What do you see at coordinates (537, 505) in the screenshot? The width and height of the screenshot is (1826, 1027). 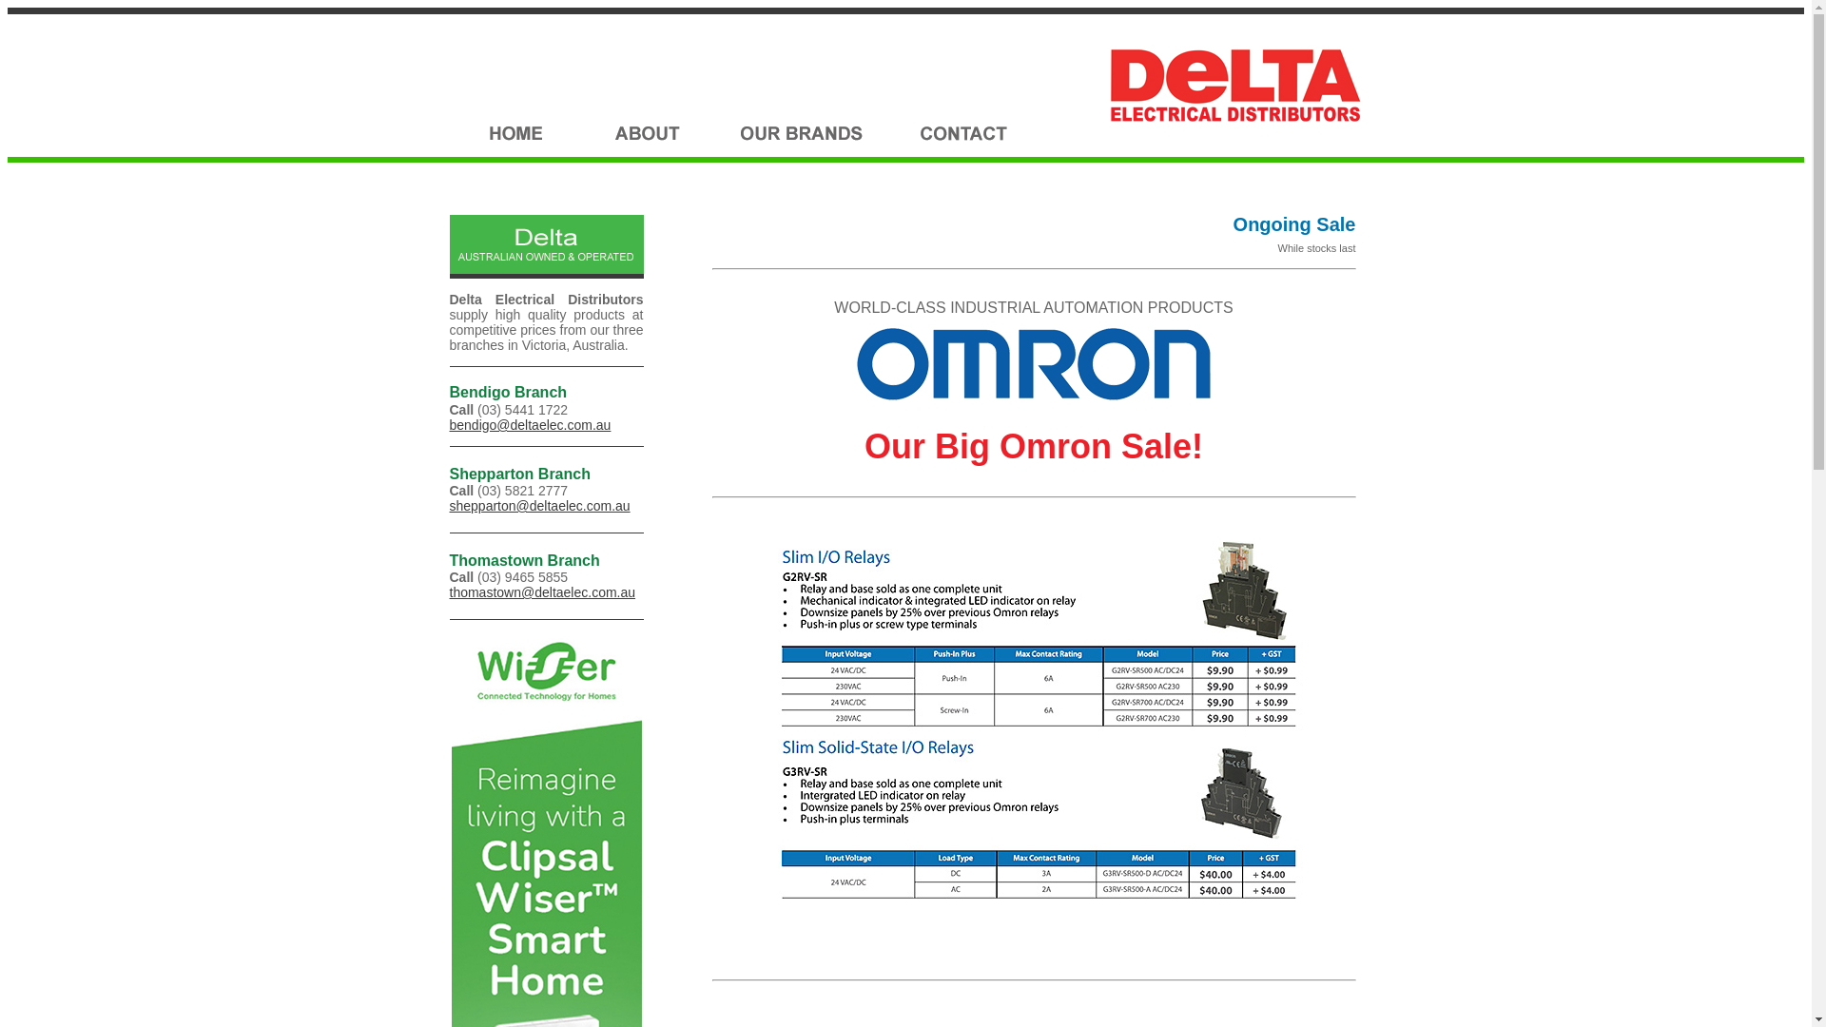 I see `'shepparton@deltaelec.com.au'` at bounding box center [537, 505].